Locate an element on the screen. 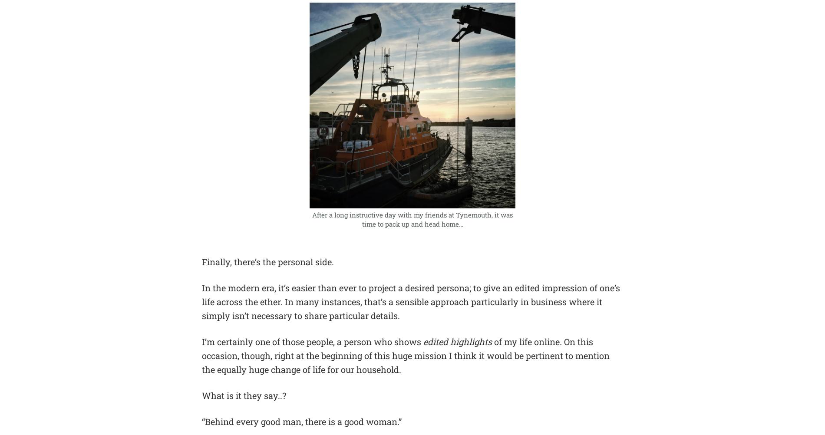 The height and width of the screenshot is (435, 825). 'On this occasion, though, right at the beginning of this huge mission I think it would be pertinent to mention the equally huge change of life for our household.' is located at coordinates (405, 355).